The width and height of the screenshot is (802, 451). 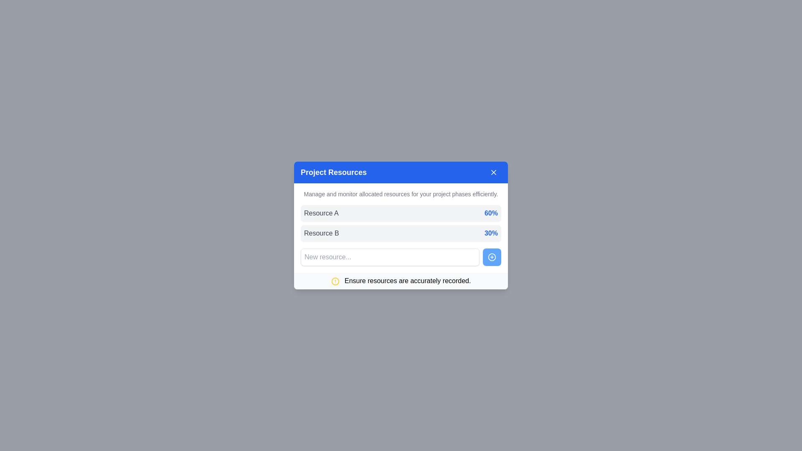 I want to click on the close button located in the top right corner of the blue header bar labeled 'Project Resources', so click(x=493, y=172).